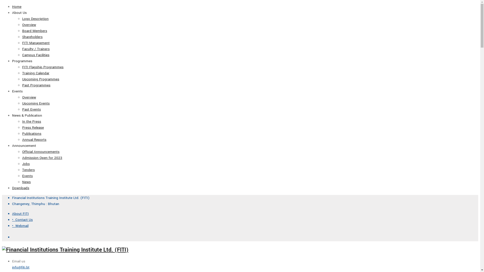 The image size is (484, 272). Describe the element at coordinates (31, 109) in the screenshot. I see `'Past Events'` at that location.